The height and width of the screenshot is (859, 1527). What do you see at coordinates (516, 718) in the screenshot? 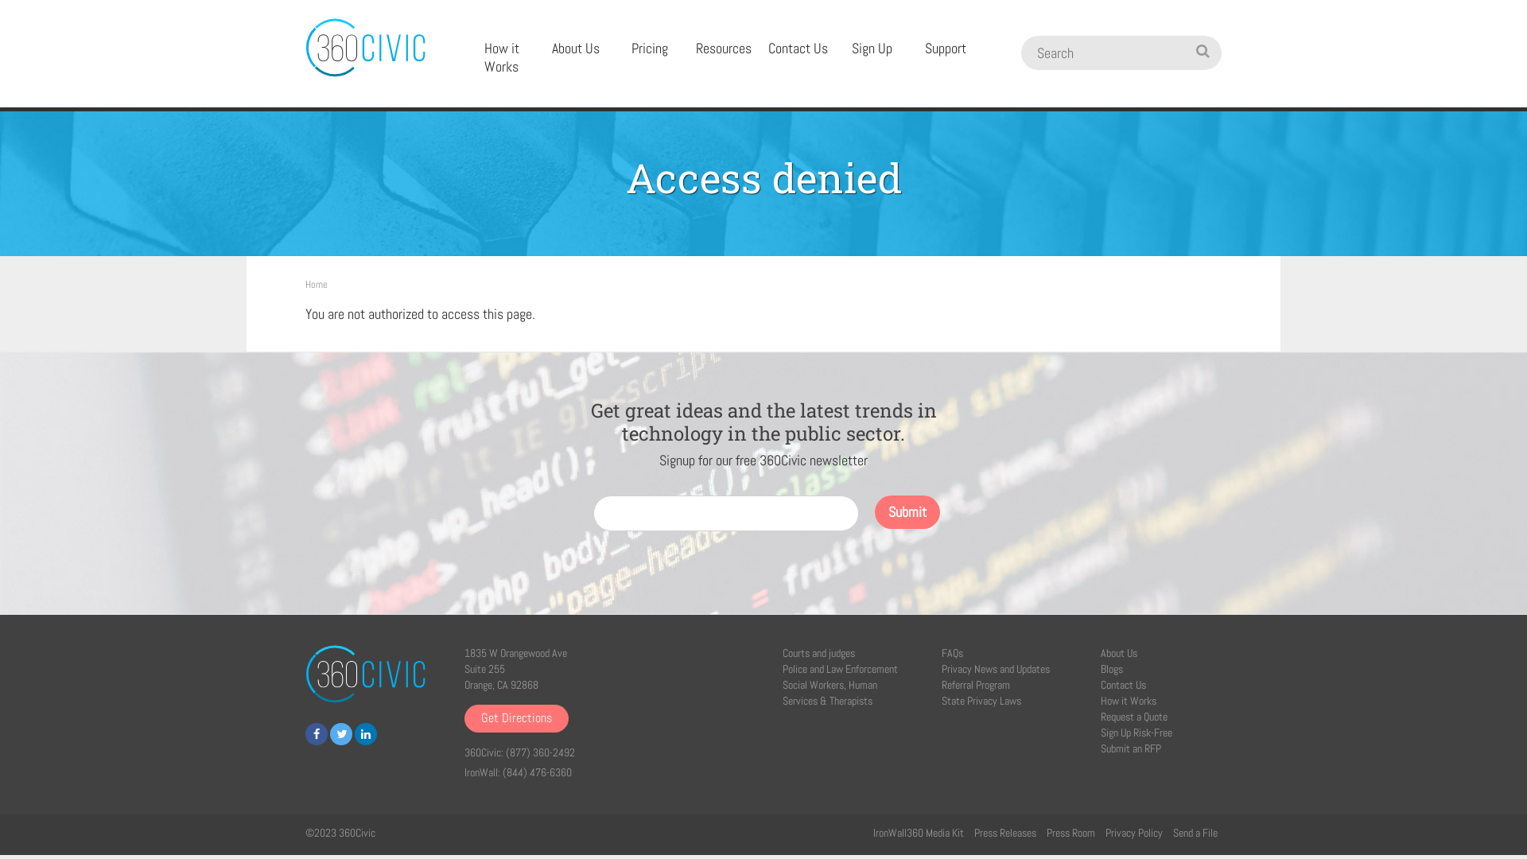
I see `'Get Directions'` at bounding box center [516, 718].